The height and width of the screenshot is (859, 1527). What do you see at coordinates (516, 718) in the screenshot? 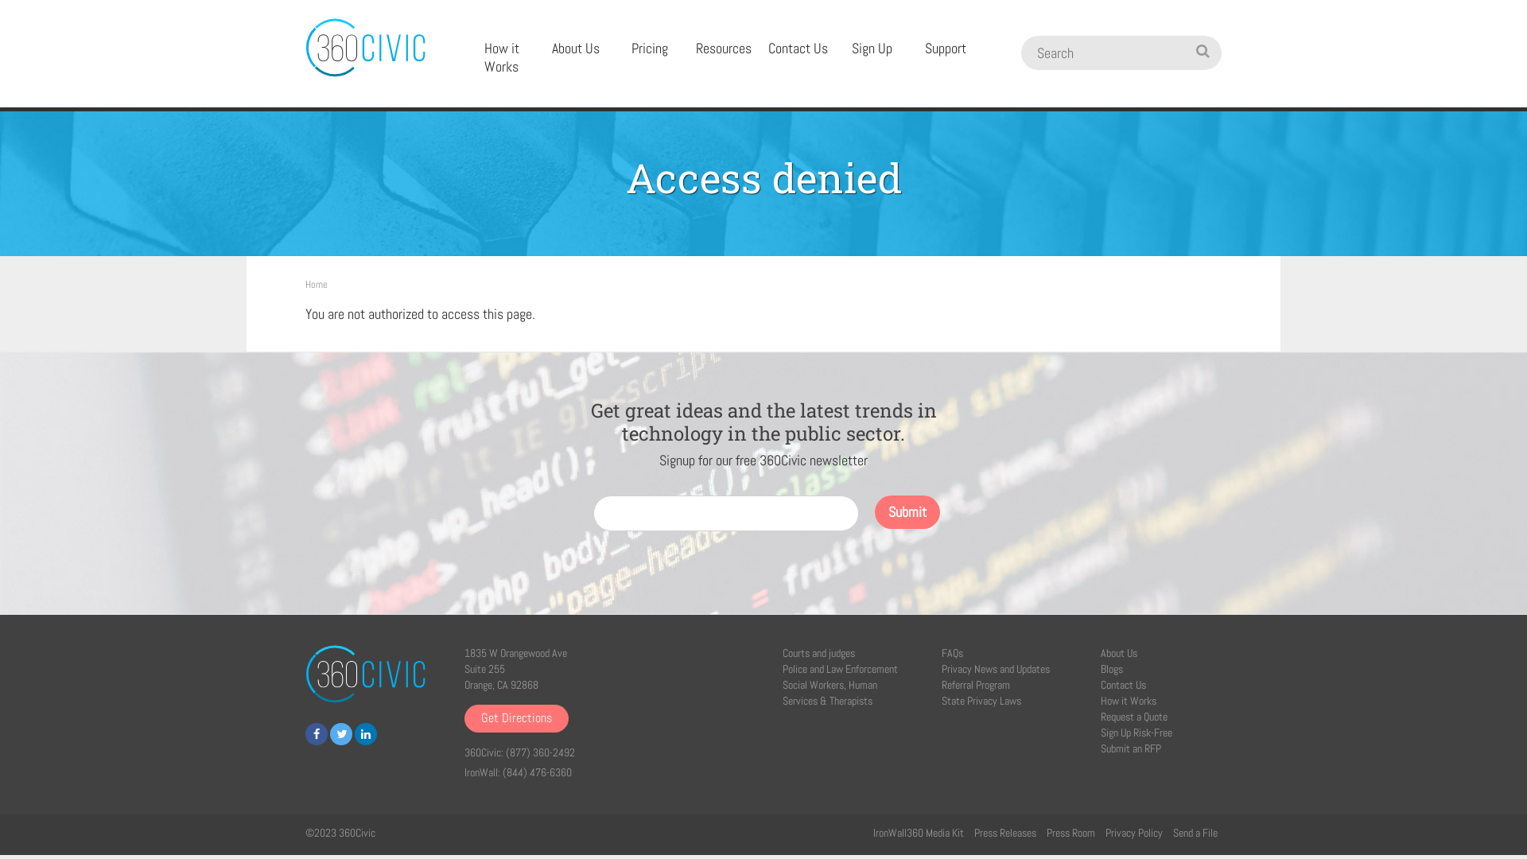
I see `'Get Directions'` at bounding box center [516, 718].